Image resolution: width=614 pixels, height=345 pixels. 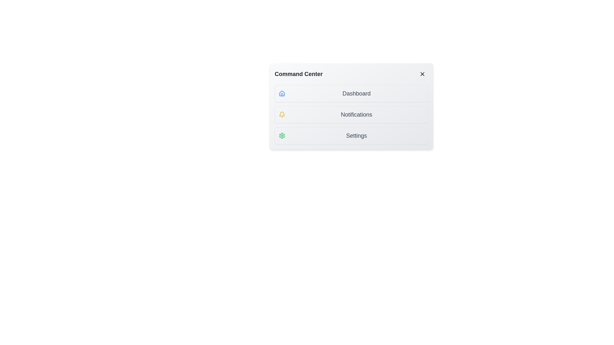 I want to click on the first menu item in the vertically stacked list within the centered dialog box, so click(x=351, y=94).